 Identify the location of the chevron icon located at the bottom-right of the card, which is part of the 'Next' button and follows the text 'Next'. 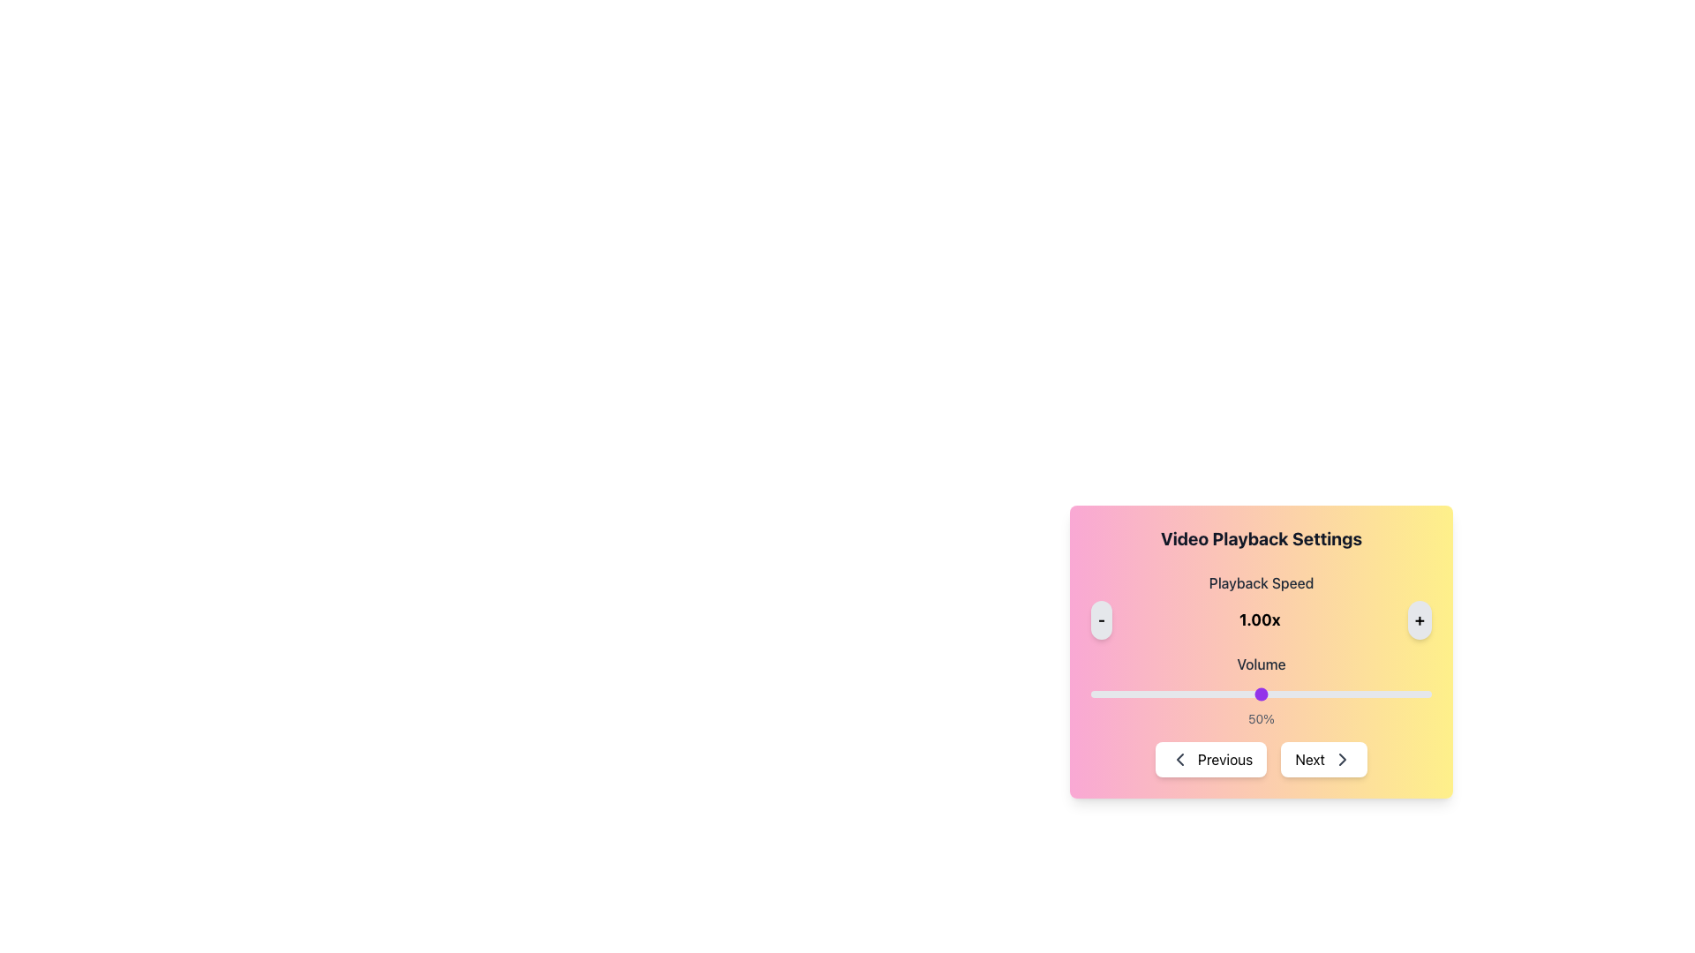
(1342, 758).